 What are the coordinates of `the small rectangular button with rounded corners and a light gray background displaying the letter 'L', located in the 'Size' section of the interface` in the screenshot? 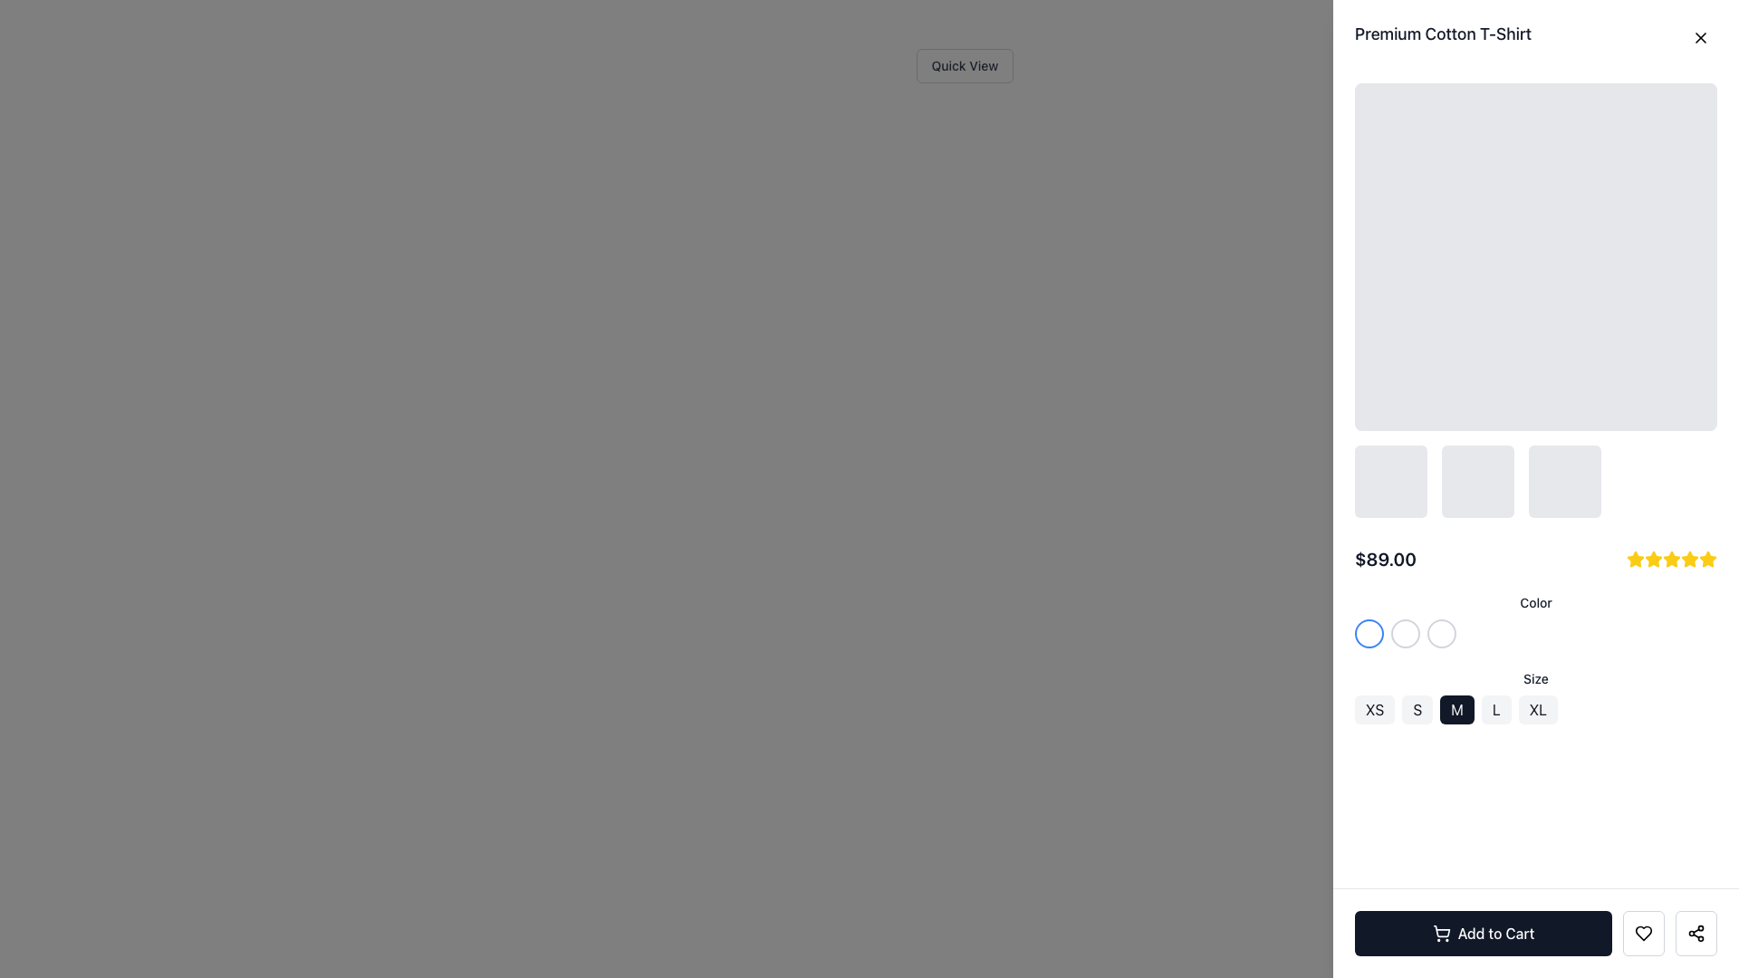 It's located at (1496, 708).